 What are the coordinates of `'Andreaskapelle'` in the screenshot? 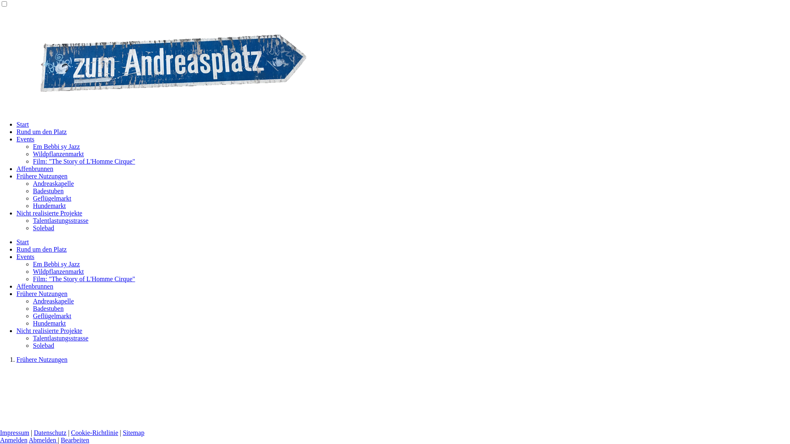 It's located at (53, 301).